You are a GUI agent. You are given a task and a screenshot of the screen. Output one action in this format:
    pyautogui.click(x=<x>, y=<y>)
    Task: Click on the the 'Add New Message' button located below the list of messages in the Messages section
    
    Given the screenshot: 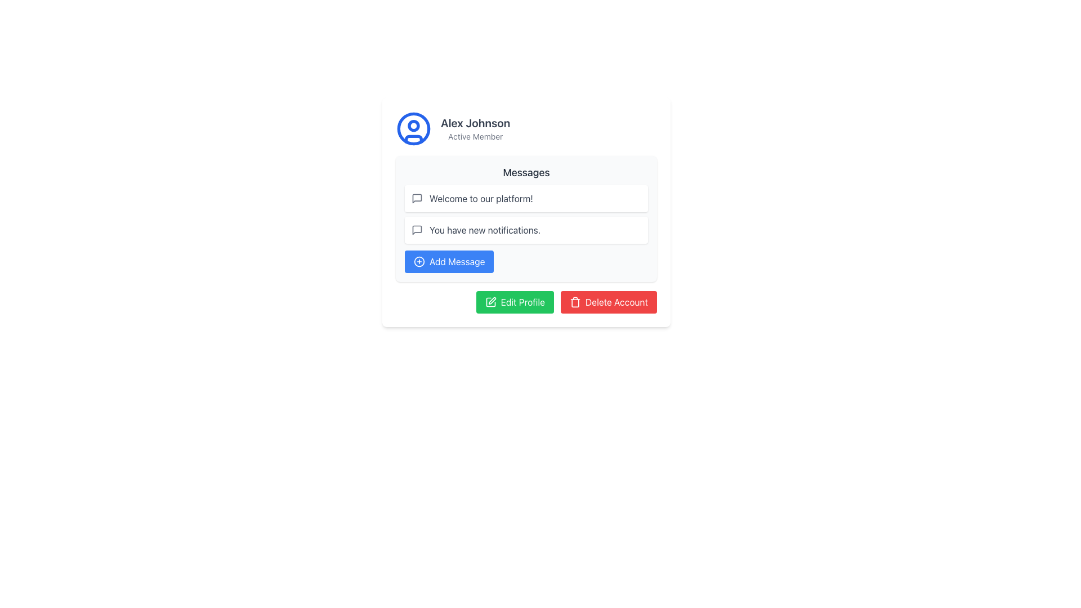 What is the action you would take?
    pyautogui.click(x=449, y=262)
    